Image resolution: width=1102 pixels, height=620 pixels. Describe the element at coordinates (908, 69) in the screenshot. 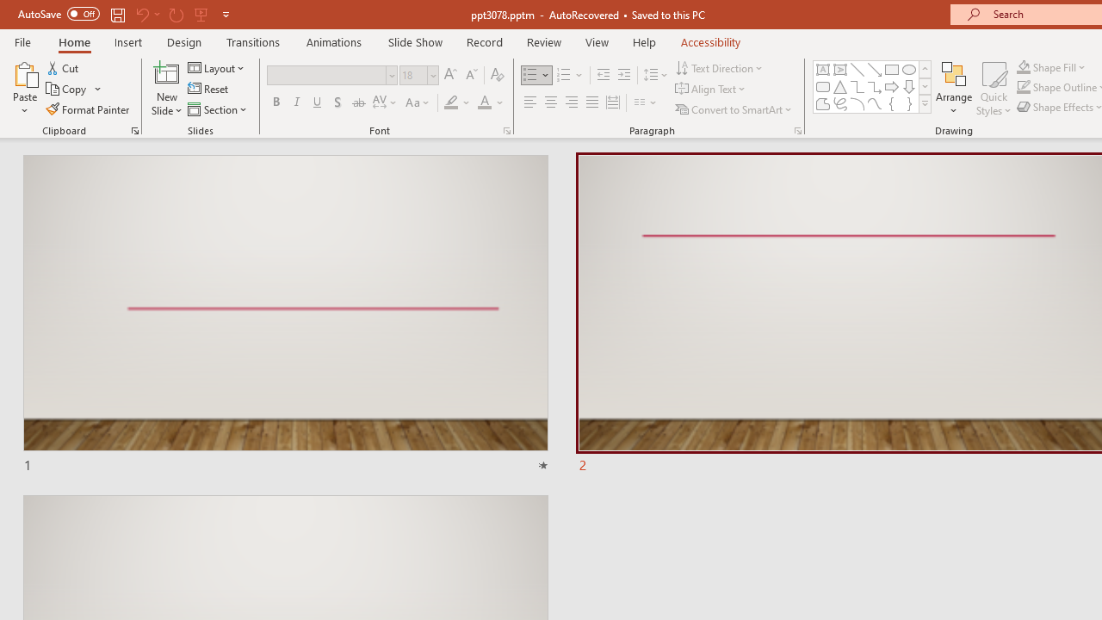

I see `'Oval'` at that location.